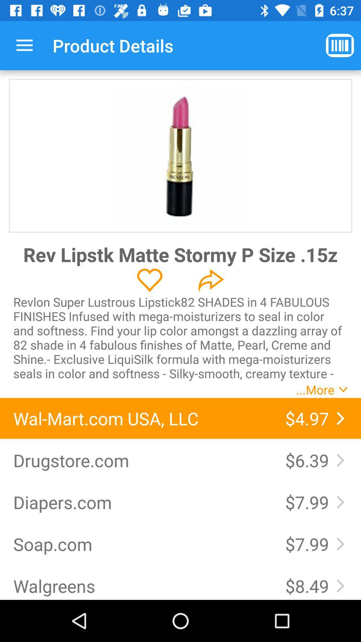 This screenshot has width=361, height=642. I want to click on app next to product details, so click(24, 45).